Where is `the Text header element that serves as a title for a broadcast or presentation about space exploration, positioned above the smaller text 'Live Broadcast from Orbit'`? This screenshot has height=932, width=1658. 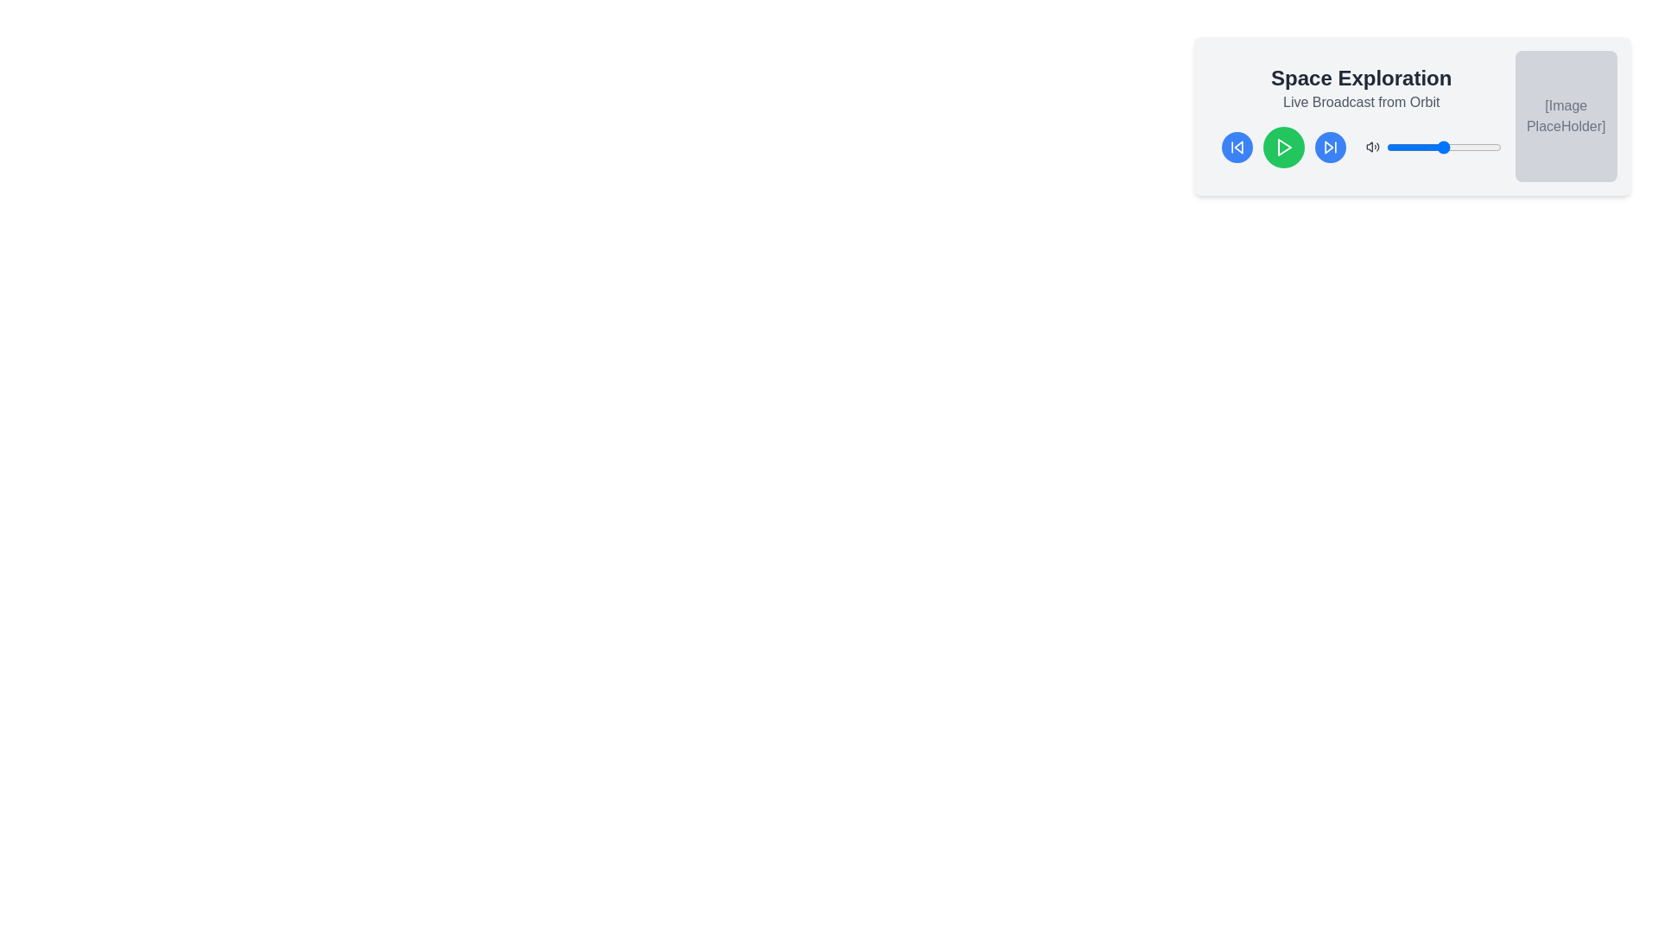 the Text header element that serves as a title for a broadcast or presentation about space exploration, positioned above the smaller text 'Live Broadcast from Orbit' is located at coordinates (1360, 79).